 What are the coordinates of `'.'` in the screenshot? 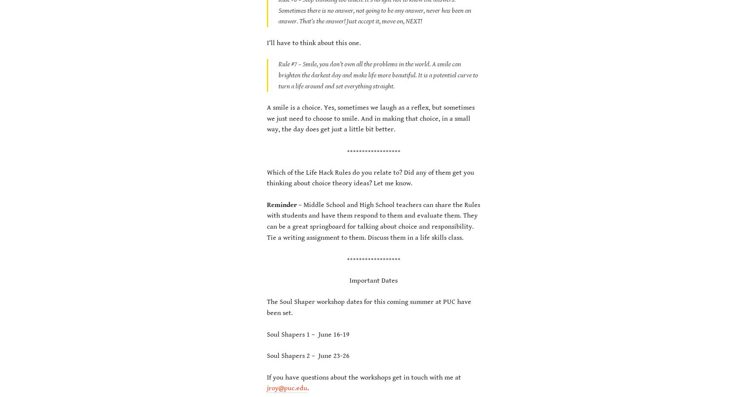 It's located at (308, 388).